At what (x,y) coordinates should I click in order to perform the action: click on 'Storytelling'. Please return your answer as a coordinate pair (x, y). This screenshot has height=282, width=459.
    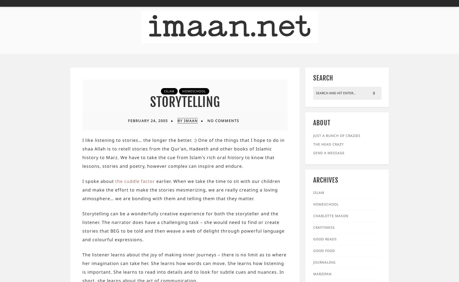
    Looking at the image, I should click on (185, 102).